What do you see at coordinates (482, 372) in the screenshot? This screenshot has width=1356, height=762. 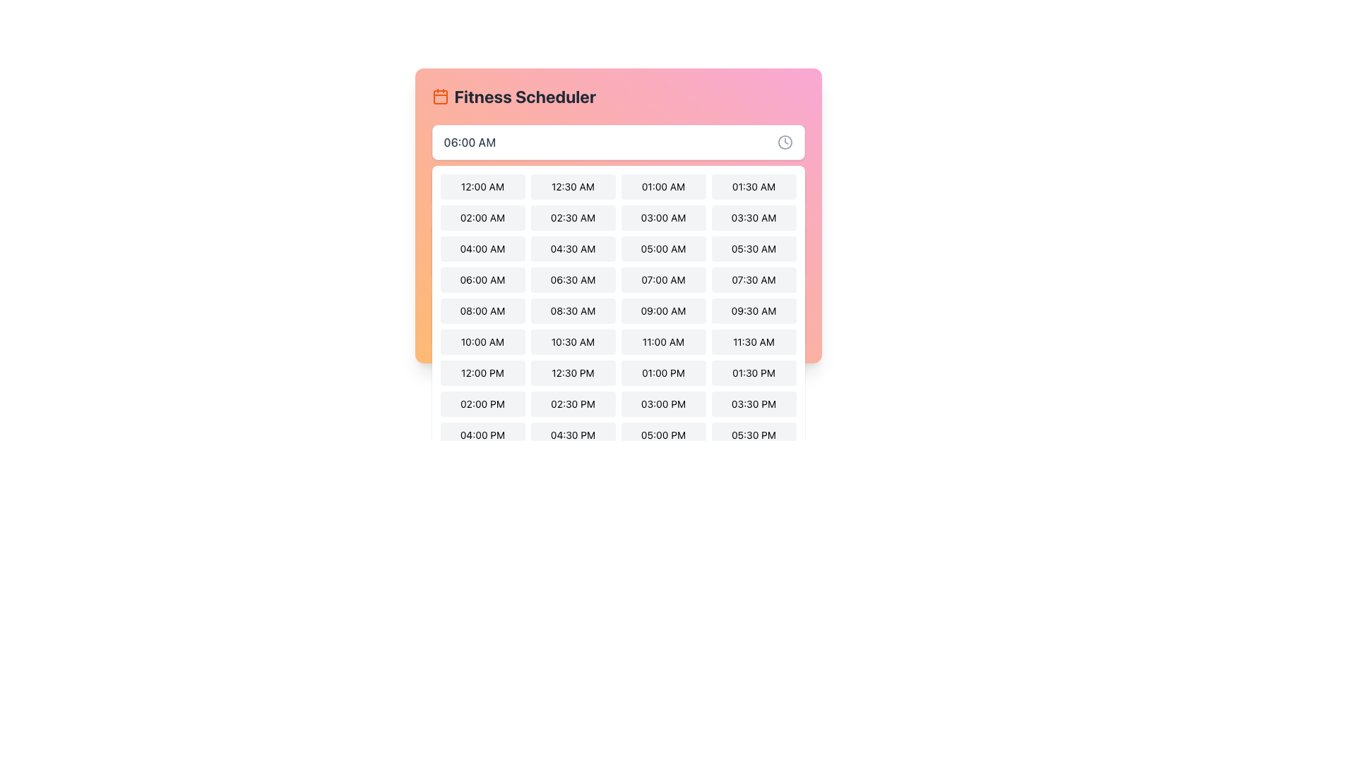 I see `the button labeled '12:00 PM' located in the fifth row and first column of the dropdown panel` at bounding box center [482, 372].